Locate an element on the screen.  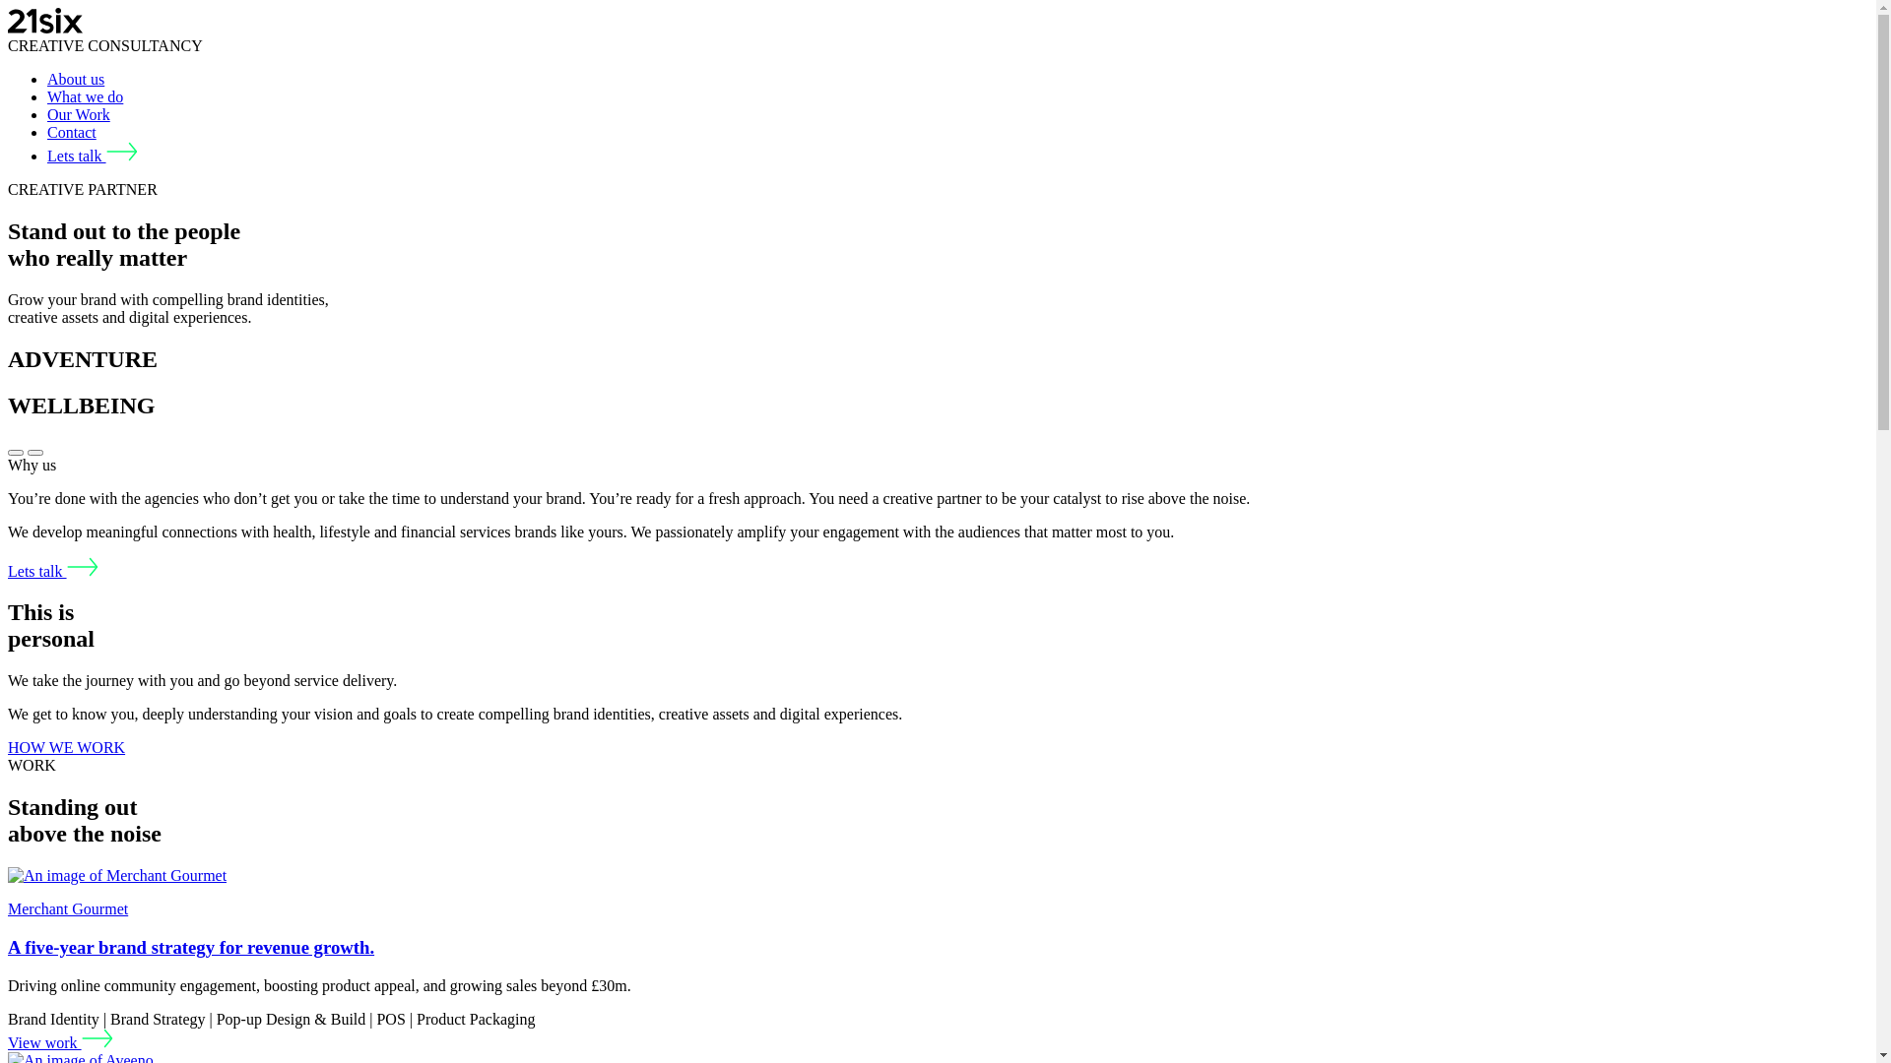
'Contact' is located at coordinates (71, 132).